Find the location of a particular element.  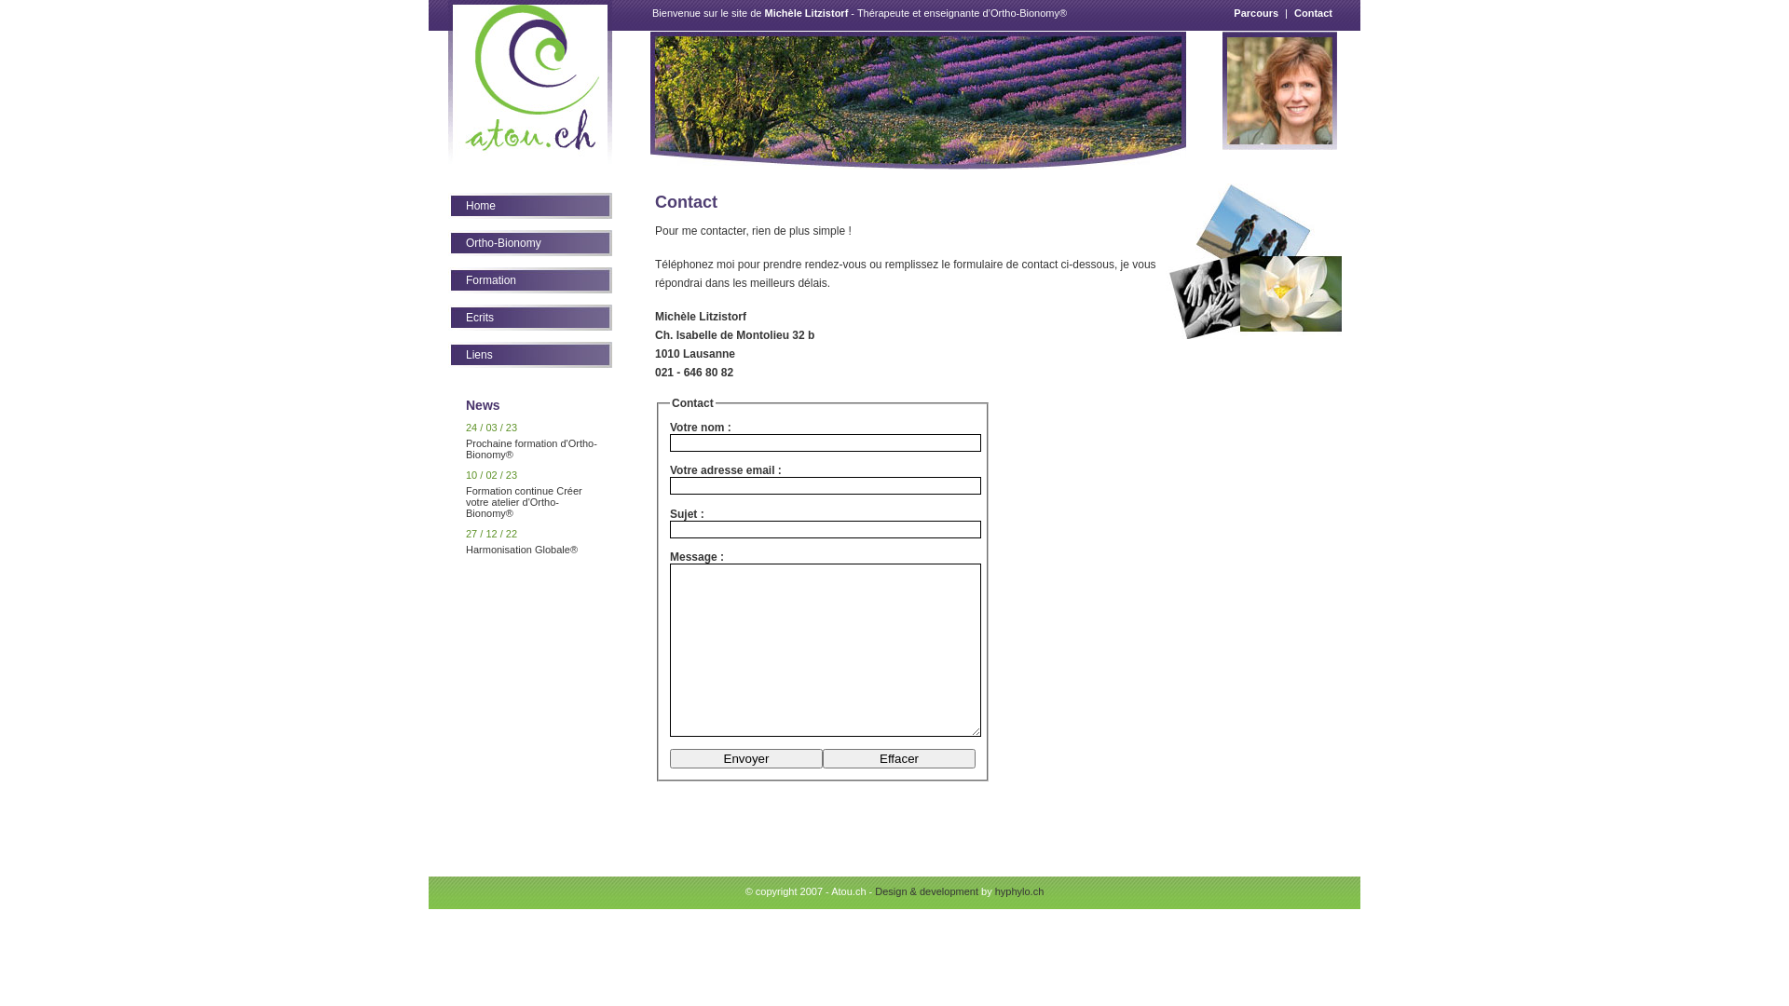

'Formation' is located at coordinates (529, 279).